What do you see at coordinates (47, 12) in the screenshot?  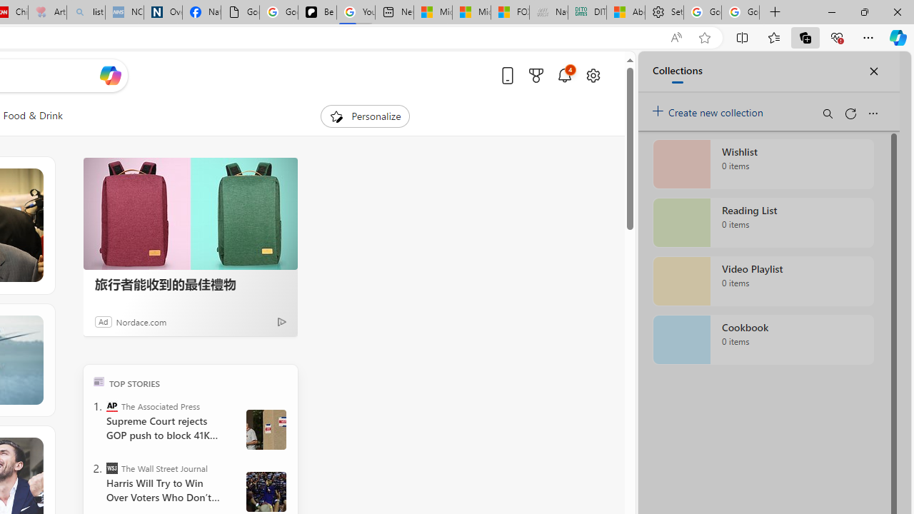 I see `'Arthritis: Ask Health Professionals - Sleeping'` at bounding box center [47, 12].